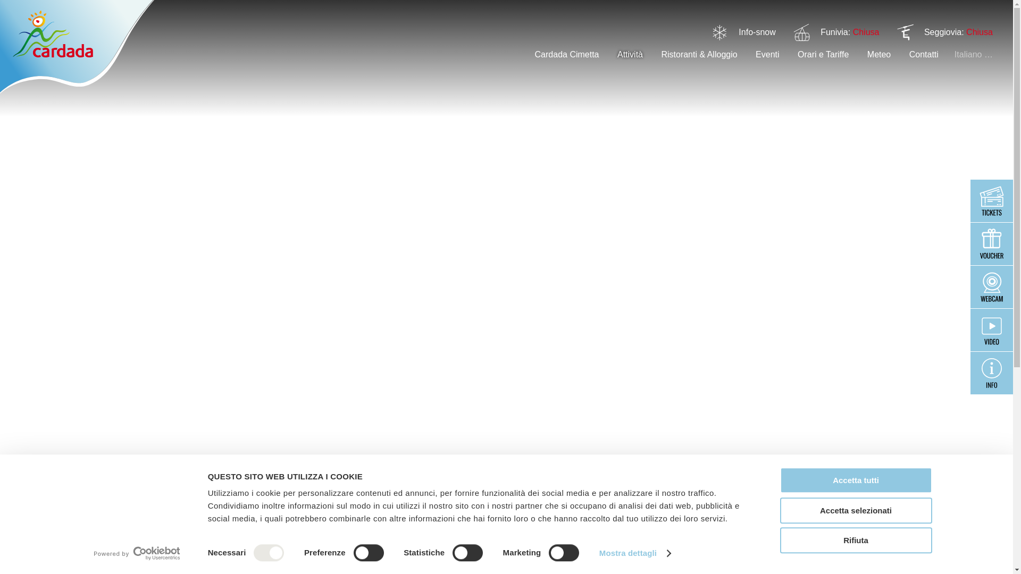 This screenshot has width=1021, height=574. What do you see at coordinates (923, 54) in the screenshot?
I see `'Contatti'` at bounding box center [923, 54].